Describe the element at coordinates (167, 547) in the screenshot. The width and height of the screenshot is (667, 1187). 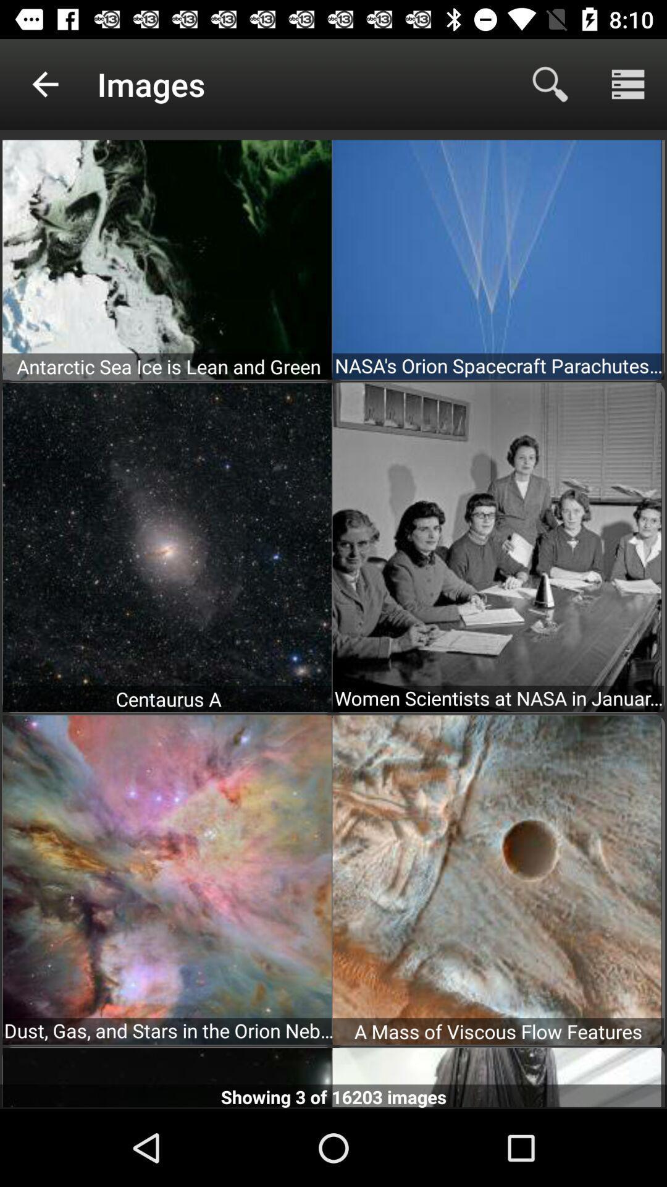
I see `the first image in the second row` at that location.